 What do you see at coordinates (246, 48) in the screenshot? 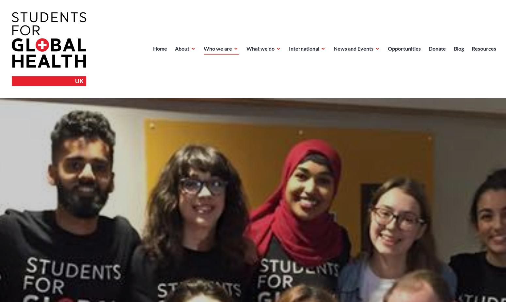
I see `'What we do'` at bounding box center [246, 48].